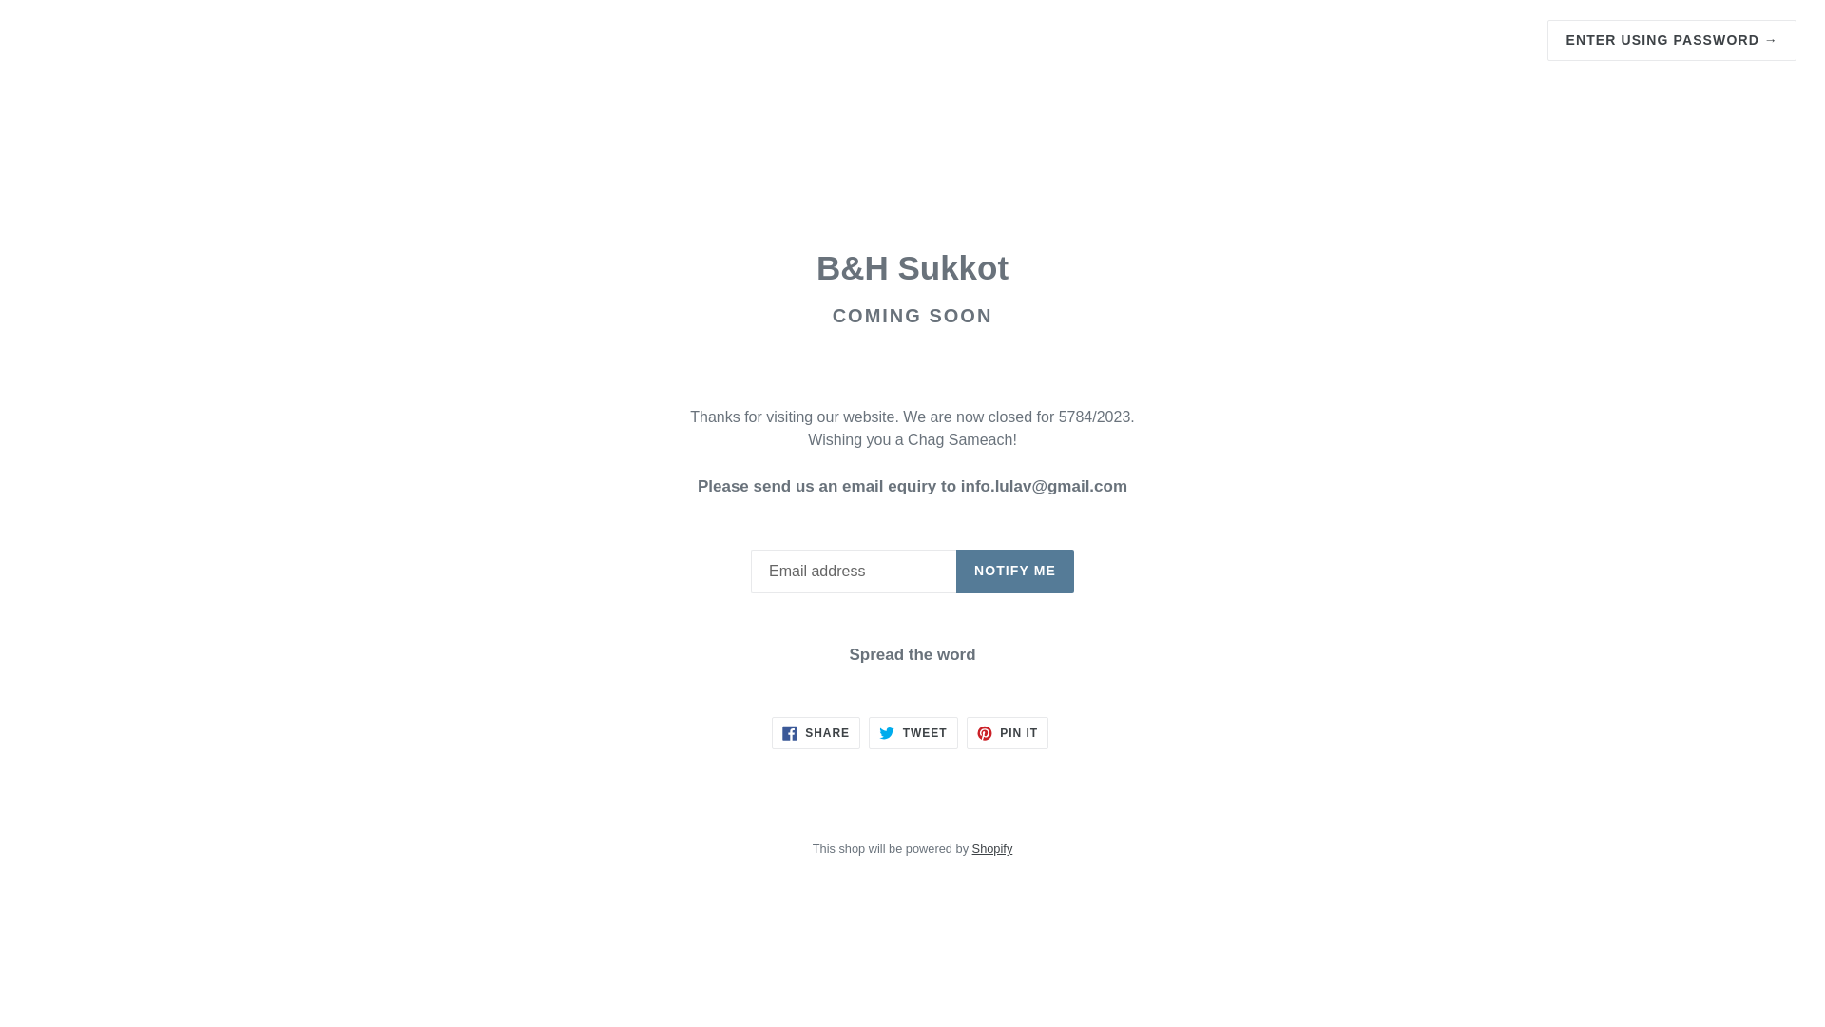  I want to click on 'Shopify', so click(991, 847).